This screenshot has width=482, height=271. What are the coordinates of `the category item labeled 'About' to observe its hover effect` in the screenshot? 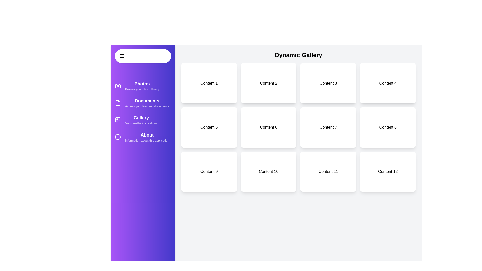 It's located at (143, 137).